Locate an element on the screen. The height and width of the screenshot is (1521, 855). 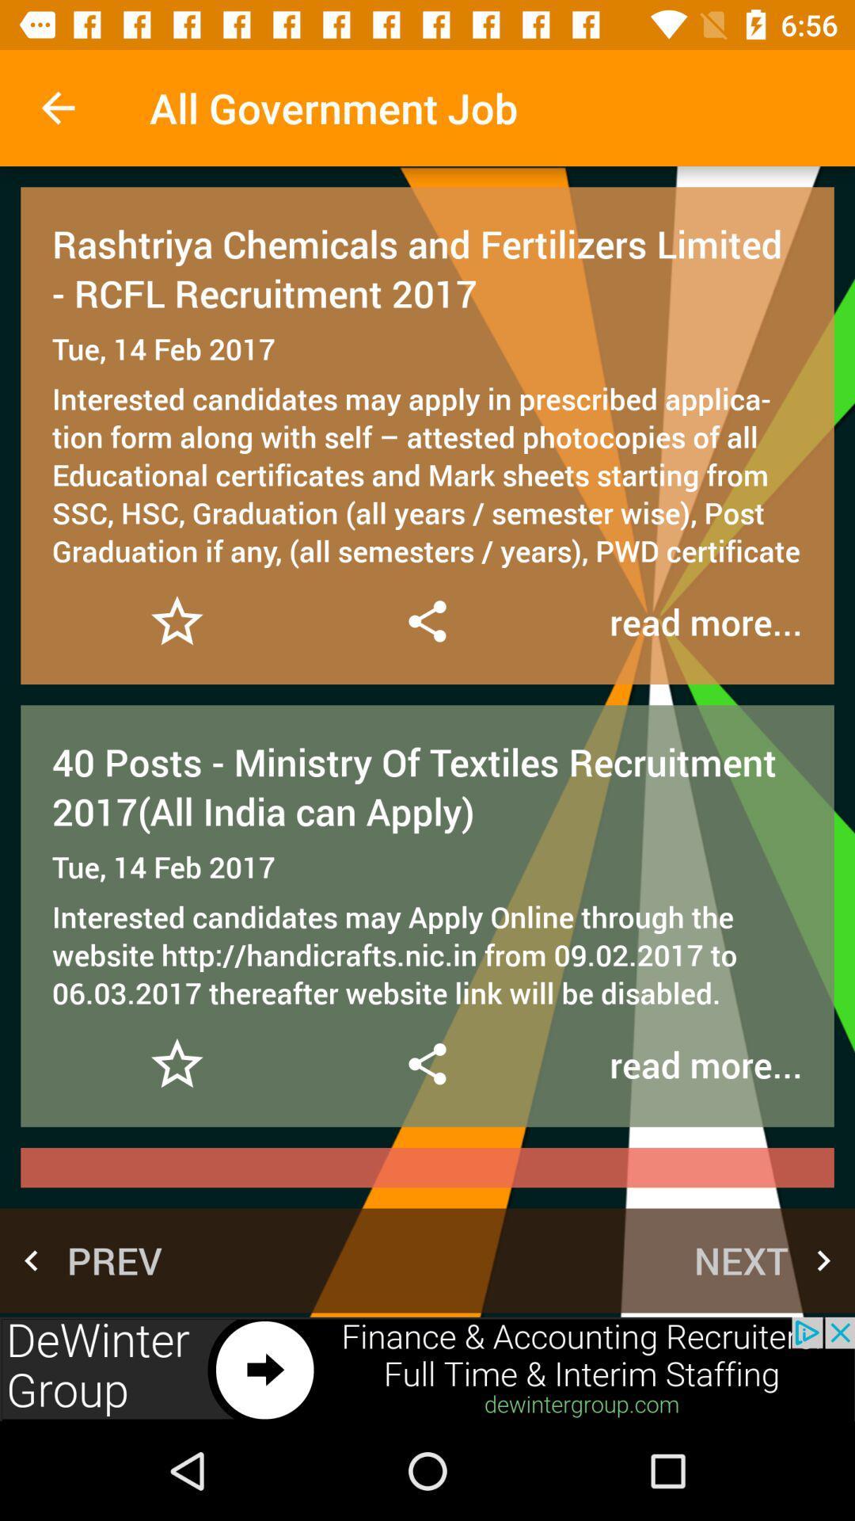
share is located at coordinates (426, 620).